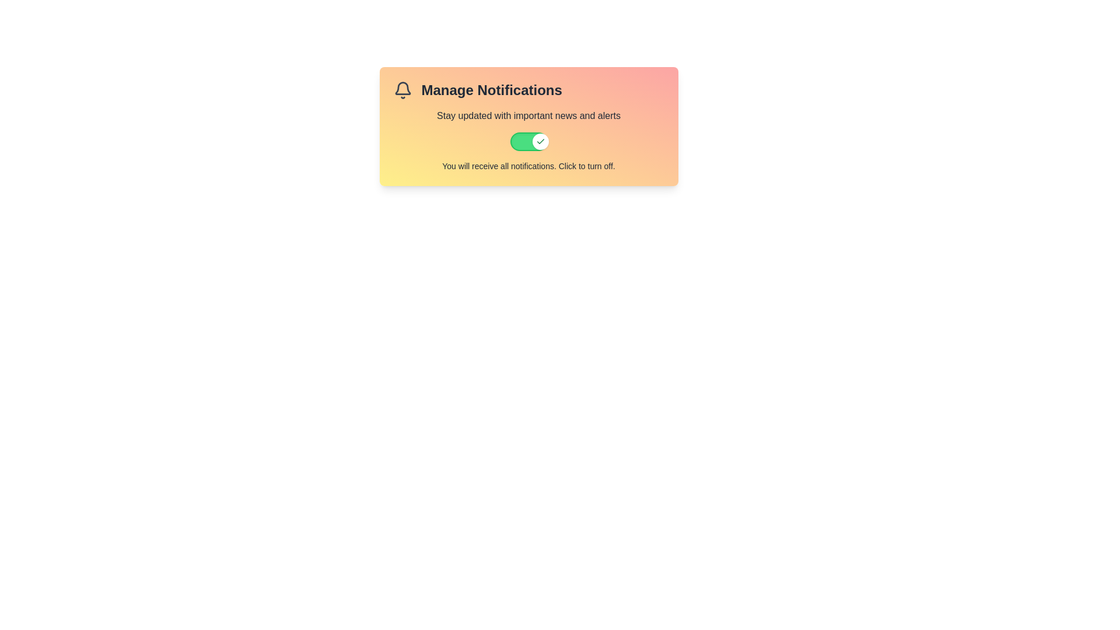  What do you see at coordinates (528, 166) in the screenshot?
I see `the informational text that states 'You will receive all notifications. Click to turn off.' located below the toggle switch in the notification management dialog` at bounding box center [528, 166].